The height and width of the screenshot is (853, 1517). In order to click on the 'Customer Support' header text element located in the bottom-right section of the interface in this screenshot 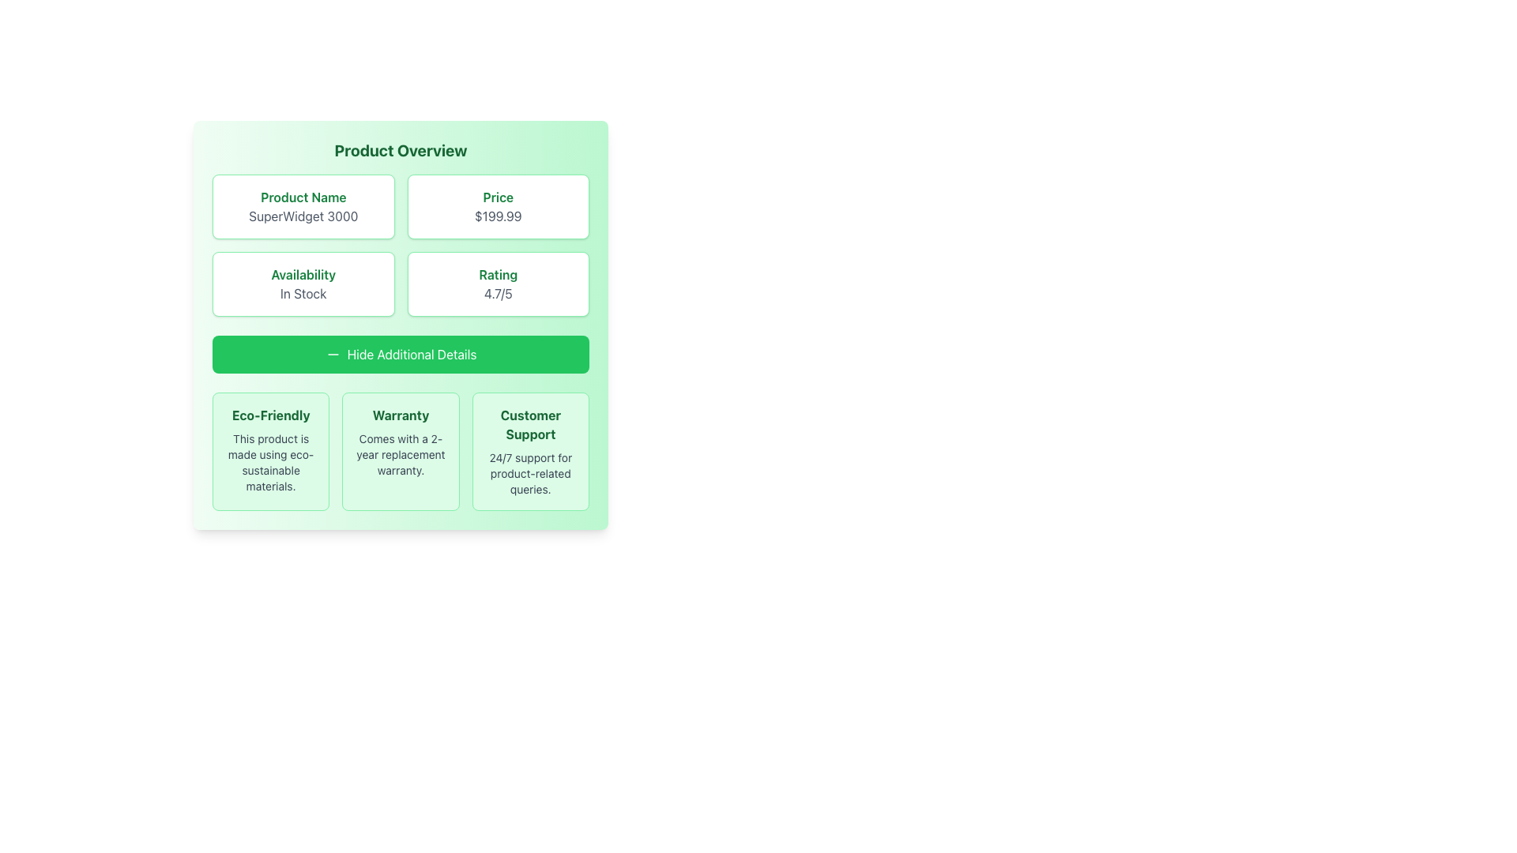, I will do `click(530, 423)`.